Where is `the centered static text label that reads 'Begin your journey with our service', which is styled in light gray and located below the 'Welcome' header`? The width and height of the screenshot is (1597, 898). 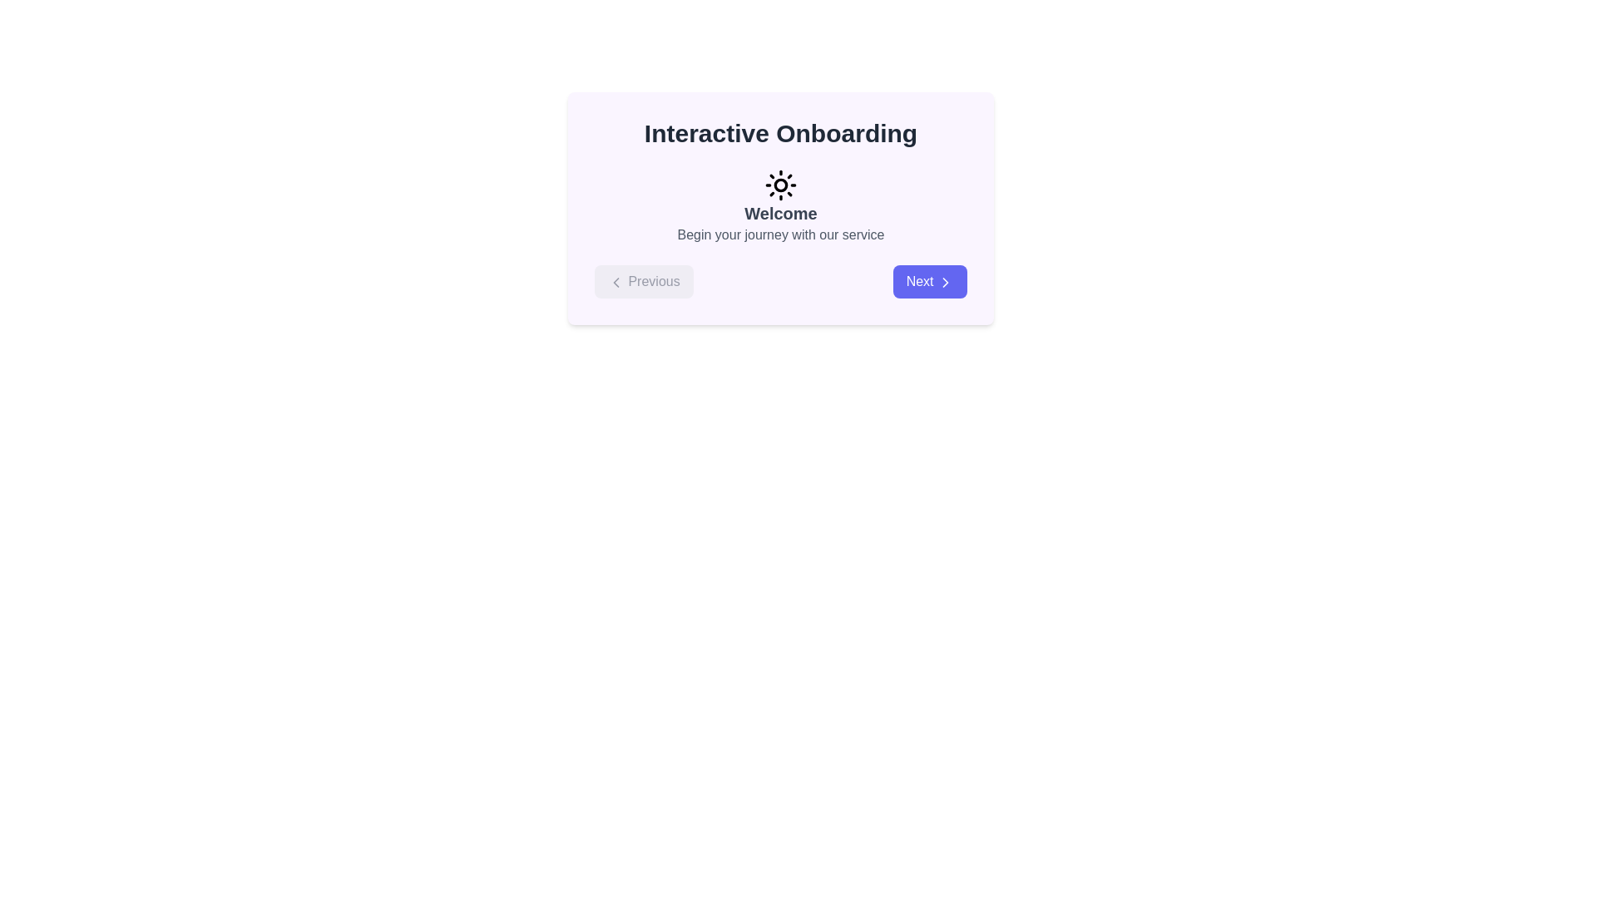
the centered static text label that reads 'Begin your journey with our service', which is styled in light gray and located below the 'Welcome' header is located at coordinates (780, 234).